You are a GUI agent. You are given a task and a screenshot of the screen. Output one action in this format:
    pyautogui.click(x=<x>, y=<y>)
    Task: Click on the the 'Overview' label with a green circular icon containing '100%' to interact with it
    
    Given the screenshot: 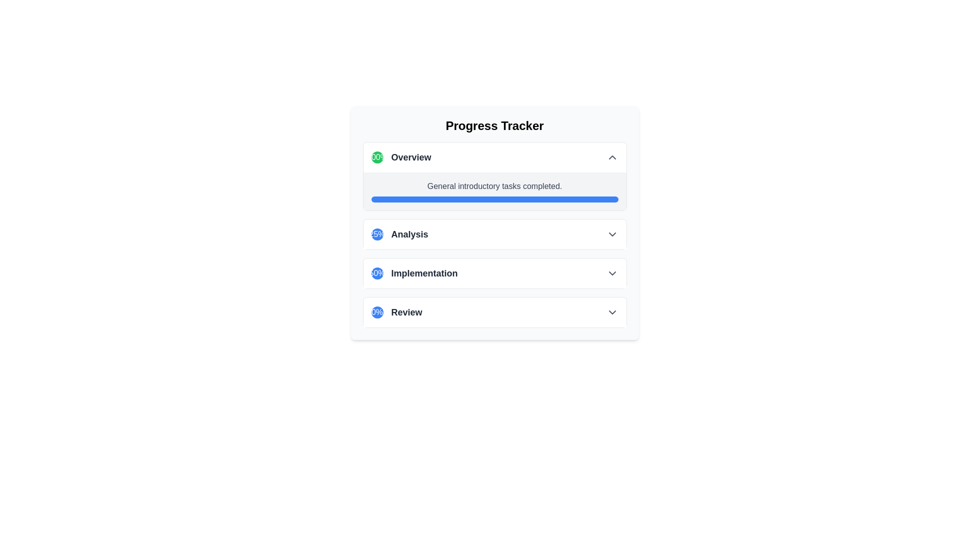 What is the action you would take?
    pyautogui.click(x=401, y=157)
    